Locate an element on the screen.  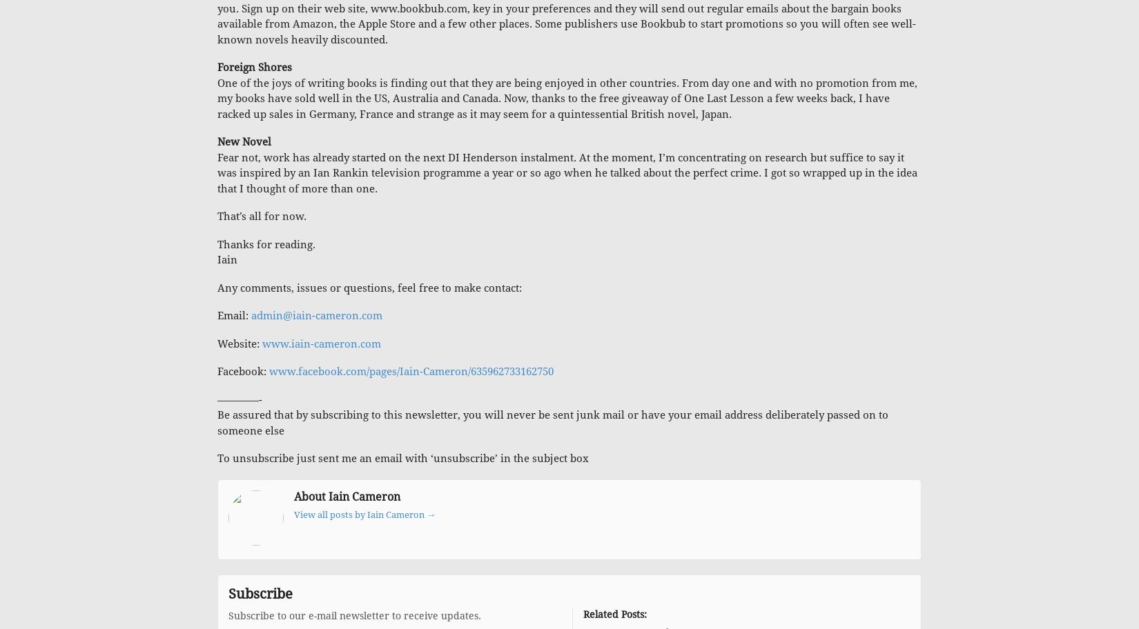
'Website:' is located at coordinates (240, 343).